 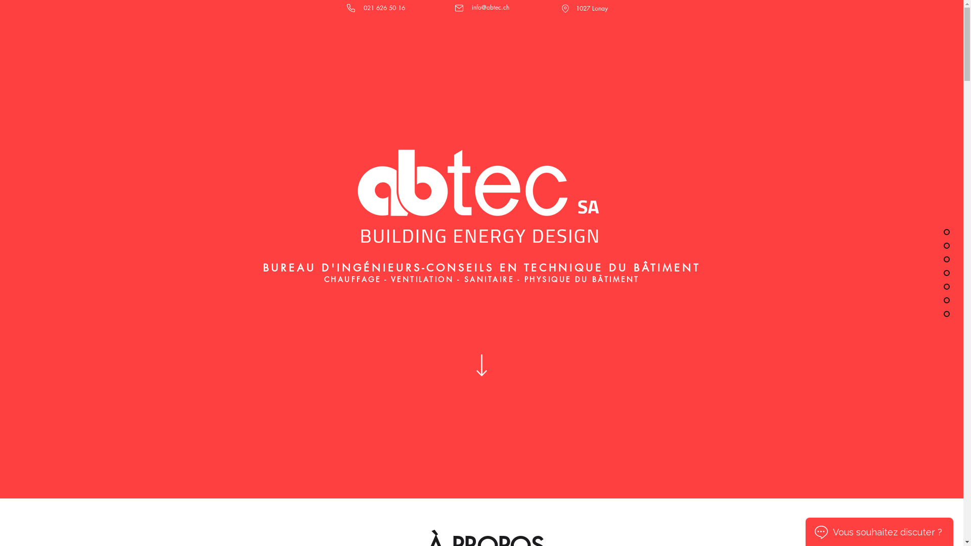 What do you see at coordinates (481, 193) in the screenshot?
I see `'logo abtec base_vectorized23.png'` at bounding box center [481, 193].